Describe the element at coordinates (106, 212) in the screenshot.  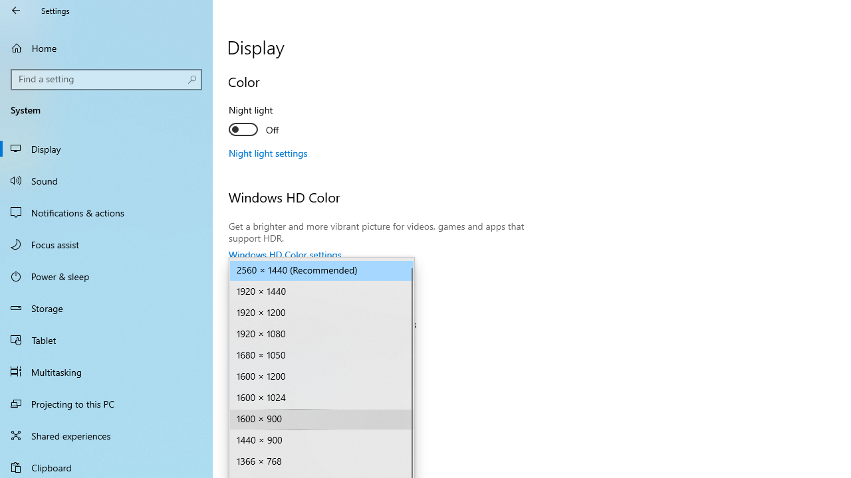
I see `'Notifications & actions'` at that location.